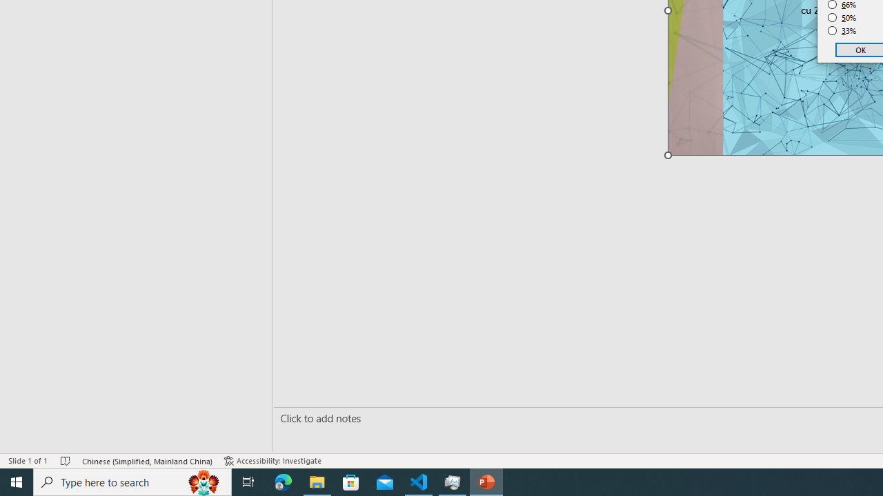  I want to click on 'Type here to search', so click(132, 481).